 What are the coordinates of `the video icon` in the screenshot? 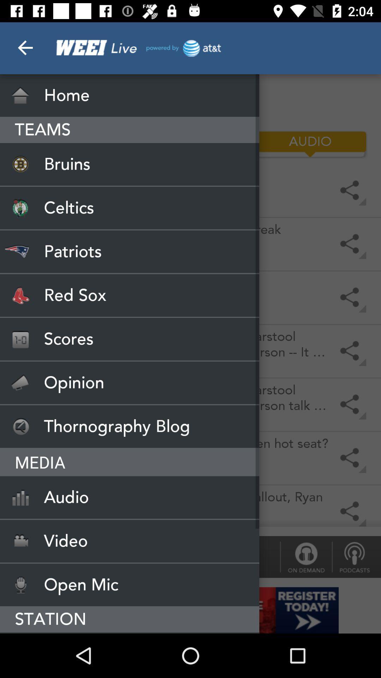 It's located at (129, 541).